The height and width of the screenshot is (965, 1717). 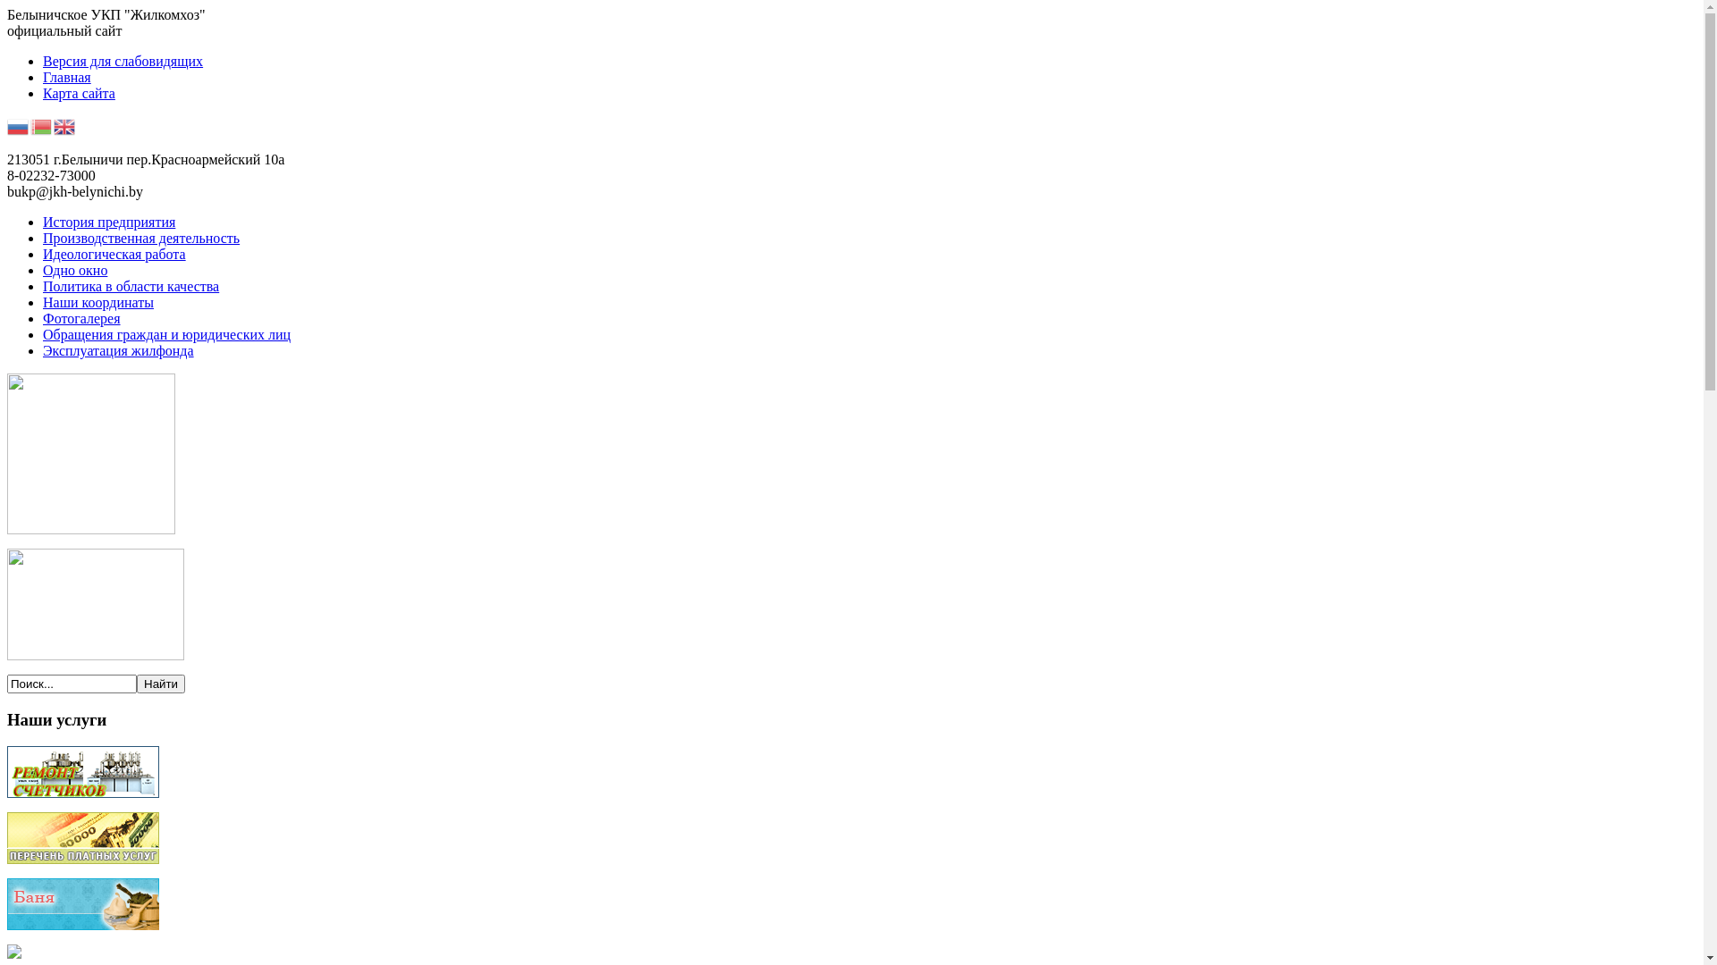 What do you see at coordinates (18, 124) in the screenshot?
I see `'Russian'` at bounding box center [18, 124].